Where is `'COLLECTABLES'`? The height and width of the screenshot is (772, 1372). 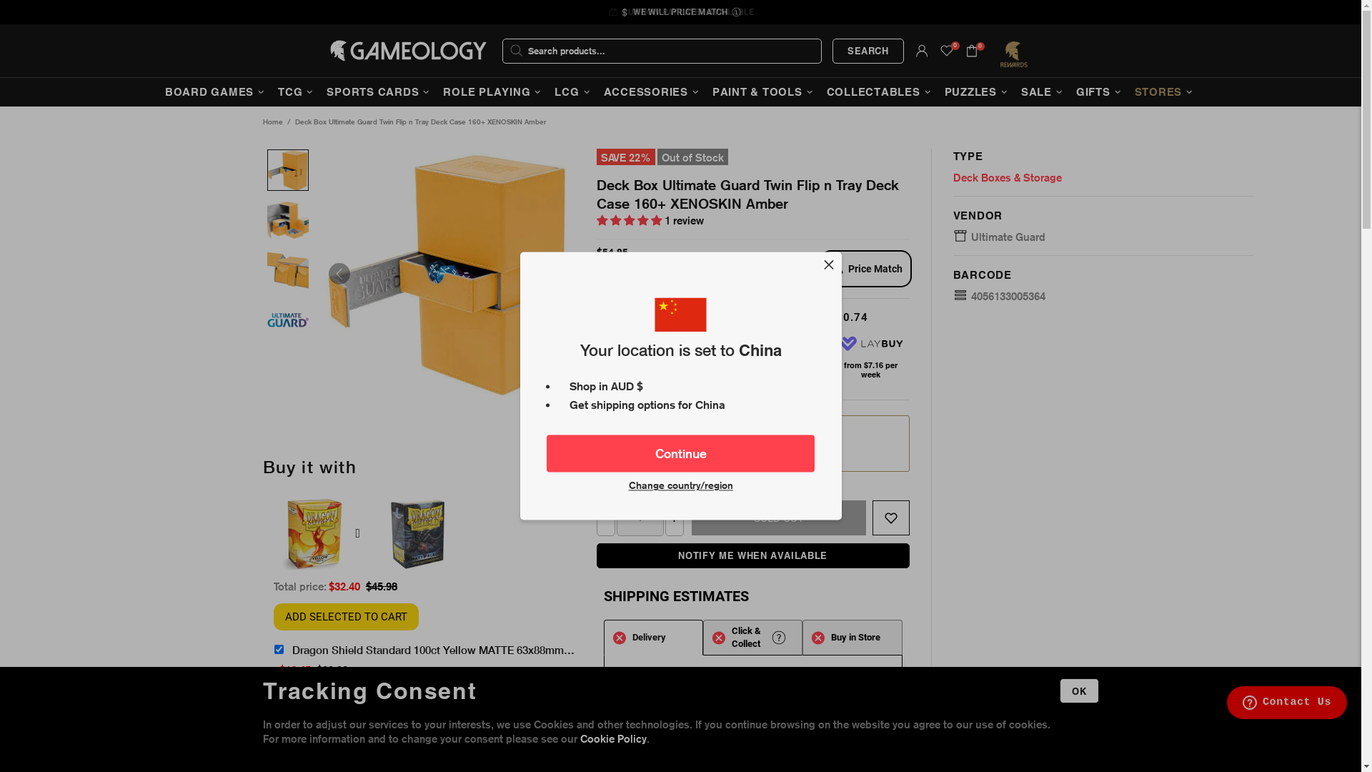 'COLLECTABLES' is located at coordinates (880, 91).